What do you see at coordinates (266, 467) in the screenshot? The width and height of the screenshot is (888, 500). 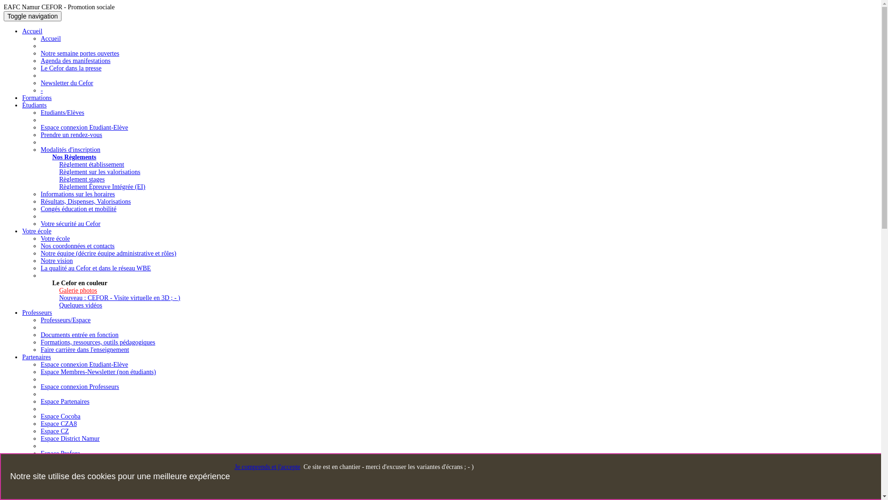 I see `'Je comprends et j'accepte'` at bounding box center [266, 467].